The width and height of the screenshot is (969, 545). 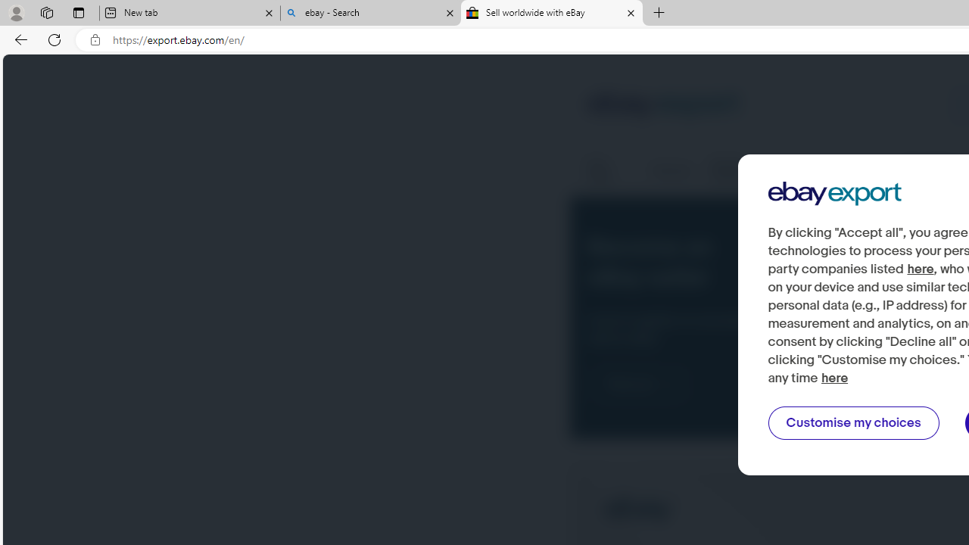 I want to click on 'Customise my choices', so click(x=853, y=423).